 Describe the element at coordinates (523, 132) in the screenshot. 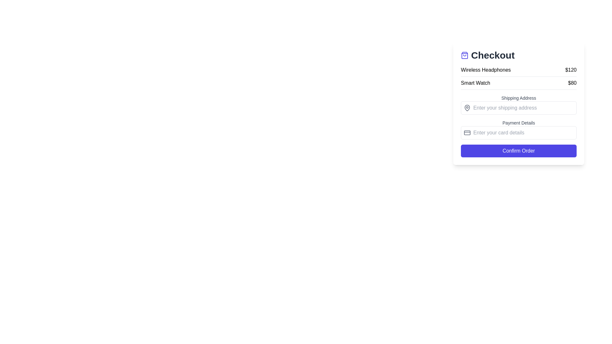

I see `on the text input field for card details located in the 'Payment Details' section` at that location.